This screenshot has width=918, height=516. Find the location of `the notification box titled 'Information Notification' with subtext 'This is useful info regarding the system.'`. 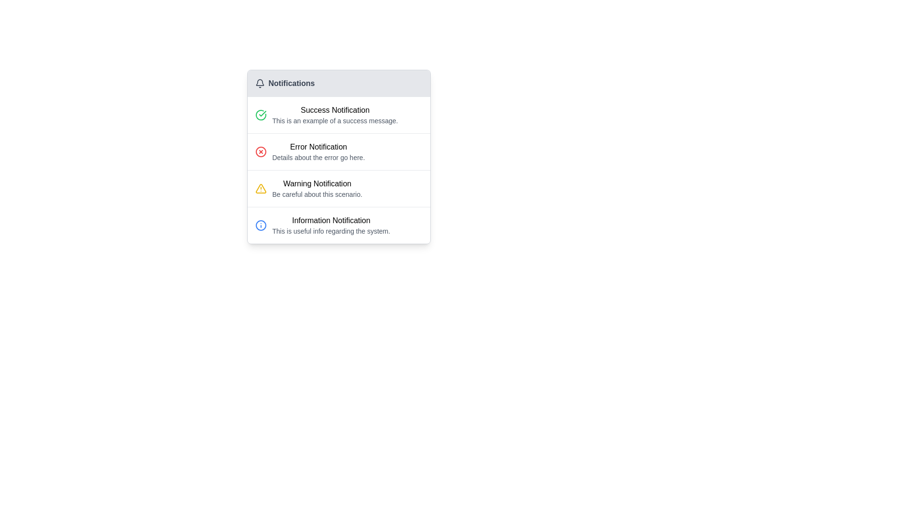

the notification box titled 'Information Notification' with subtext 'This is useful info regarding the system.' is located at coordinates (339, 225).